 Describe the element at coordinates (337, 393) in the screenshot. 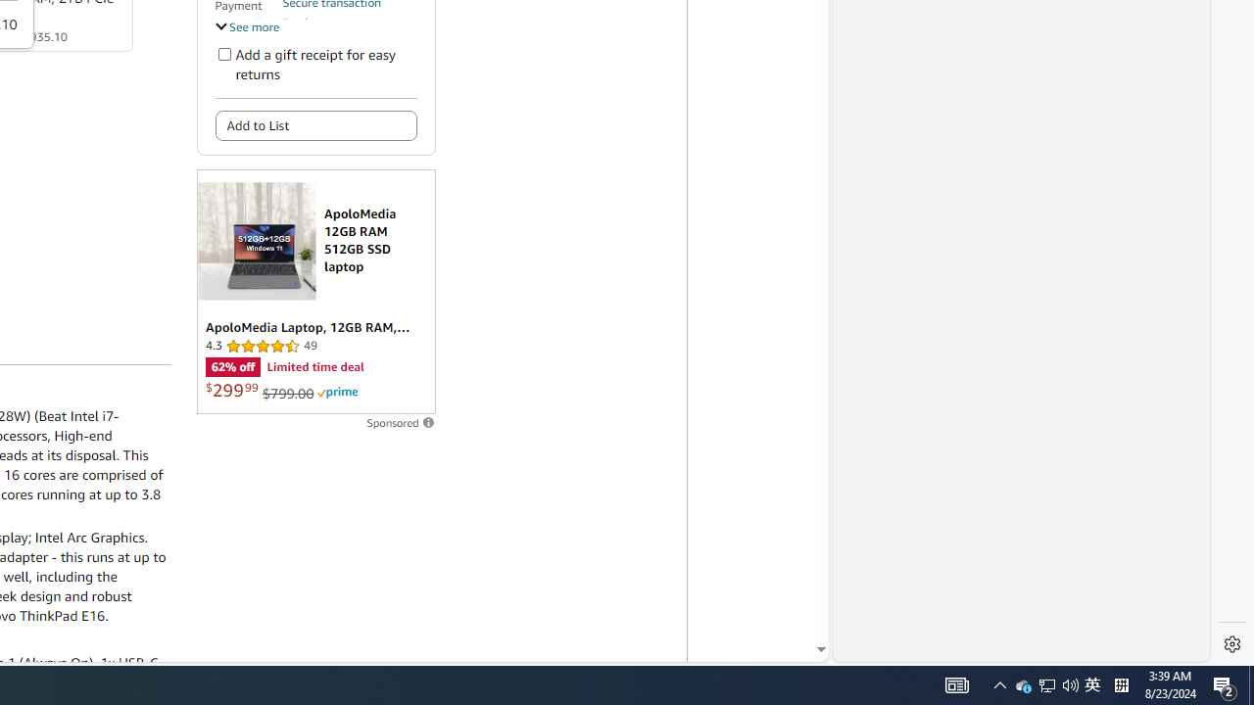

I see `'Prime'` at that location.